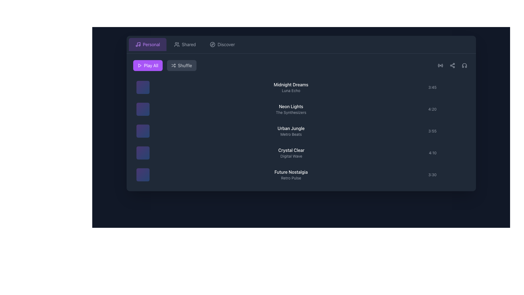 Image resolution: width=524 pixels, height=295 pixels. I want to click on to select the song 'Midnight Dreams' from the music playlist list item, which is styled as a rectangular horizontal row with a thumbnail, song title, artist name, and duration, so click(301, 87).